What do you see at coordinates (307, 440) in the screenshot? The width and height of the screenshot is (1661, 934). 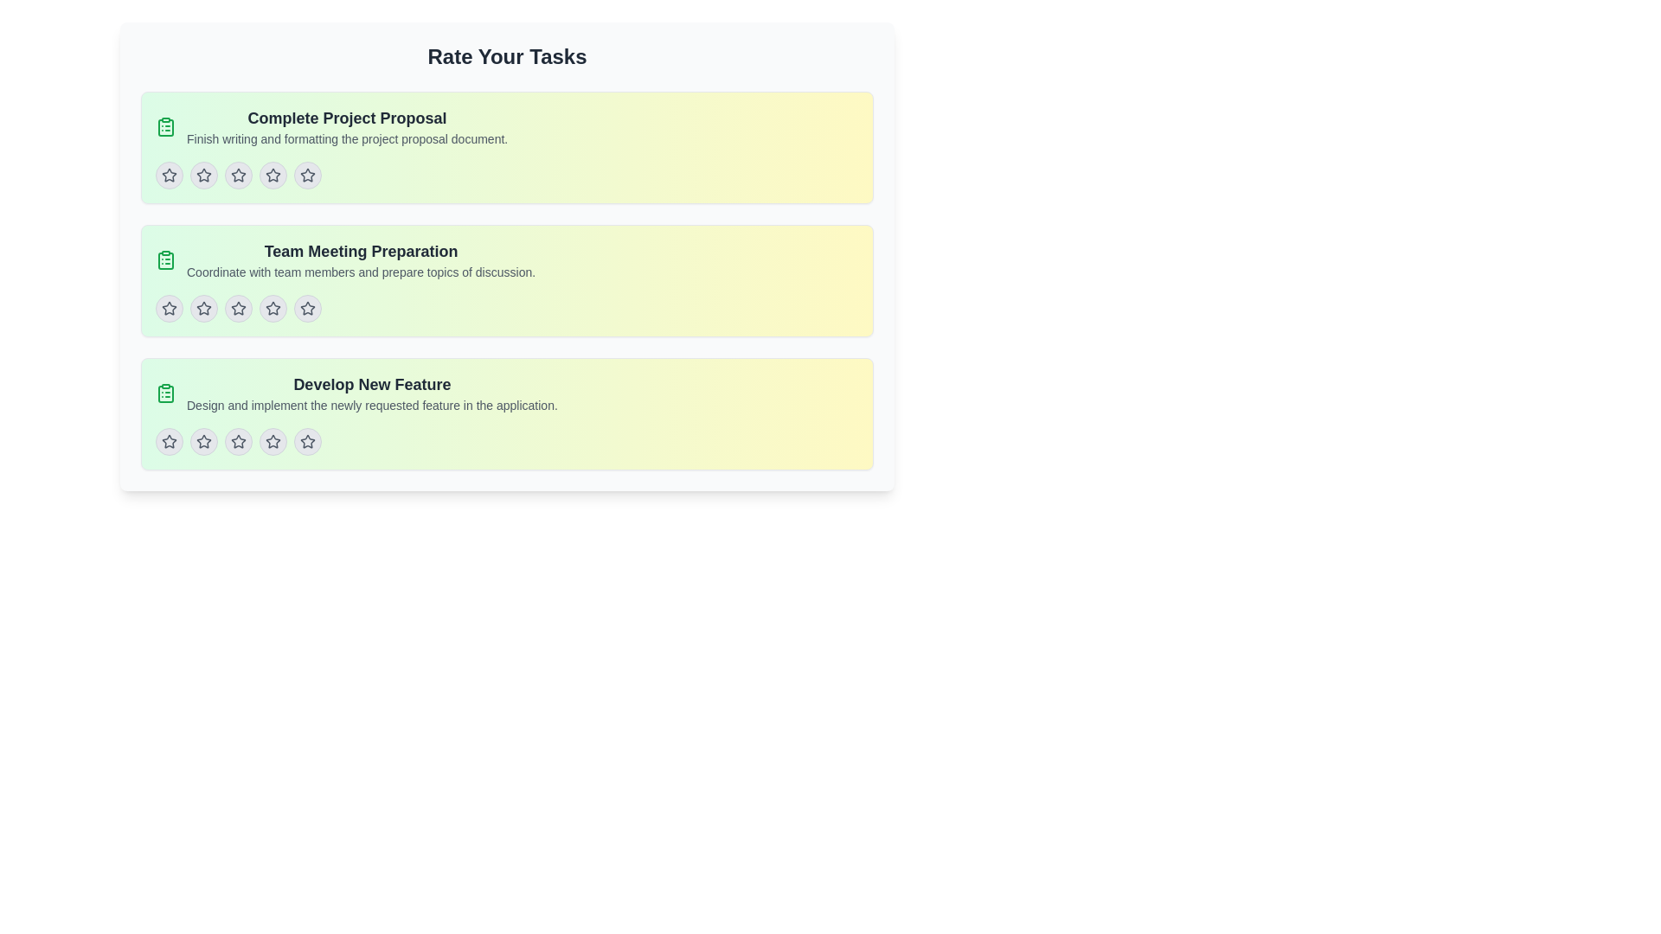 I see `the circular button with a star icon, which is the fifth button from the left in a horizontal group at the bottom right of the task card titled 'Develop New Feature'` at bounding box center [307, 440].